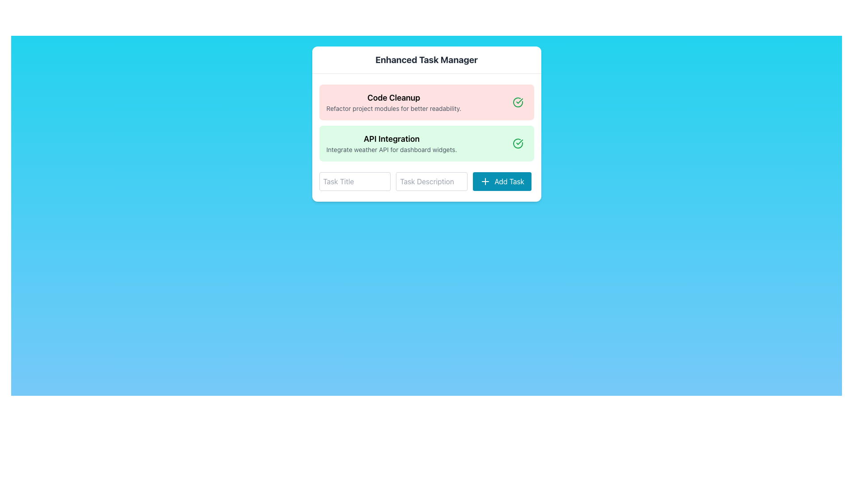 This screenshot has width=859, height=483. Describe the element at coordinates (518, 143) in the screenshot. I see `the completion indicator icon located on the far right side of the 'API Integration' task card in the second row of the task list` at that location.